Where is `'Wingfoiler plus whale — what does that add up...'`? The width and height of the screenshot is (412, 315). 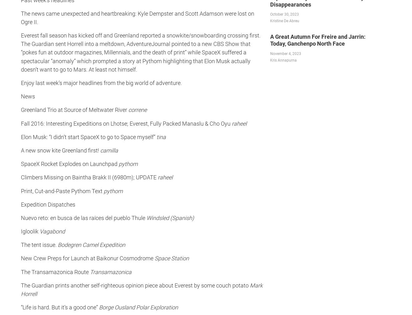
'Wingfoiler plus whale — what does that add up...' is located at coordinates (28, 215).